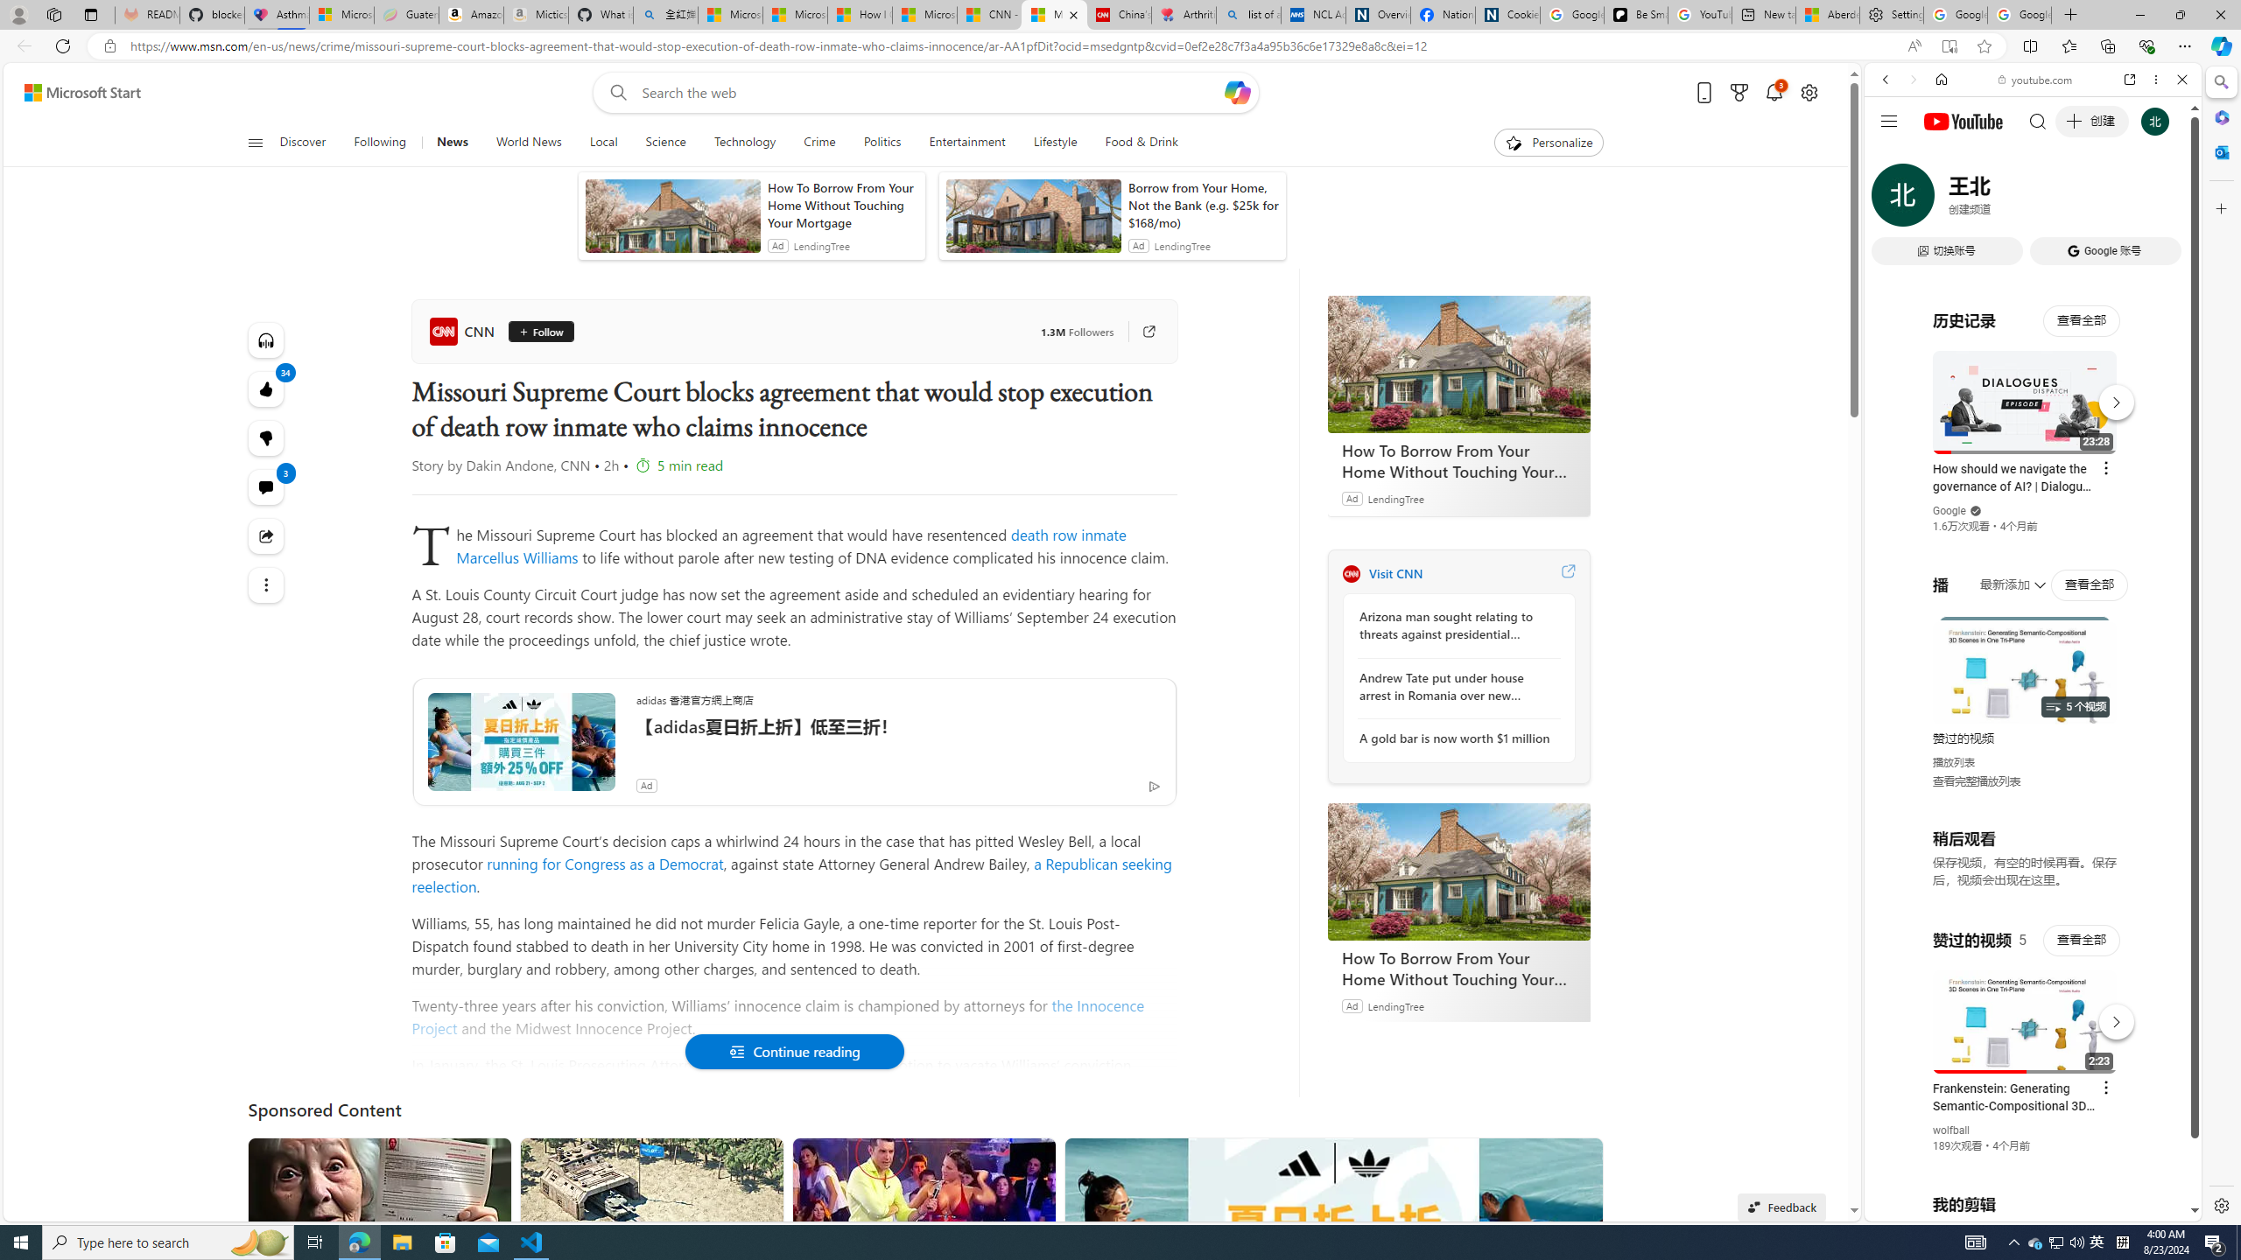  I want to click on 'Trailer #2 [HD]', so click(2031, 517).